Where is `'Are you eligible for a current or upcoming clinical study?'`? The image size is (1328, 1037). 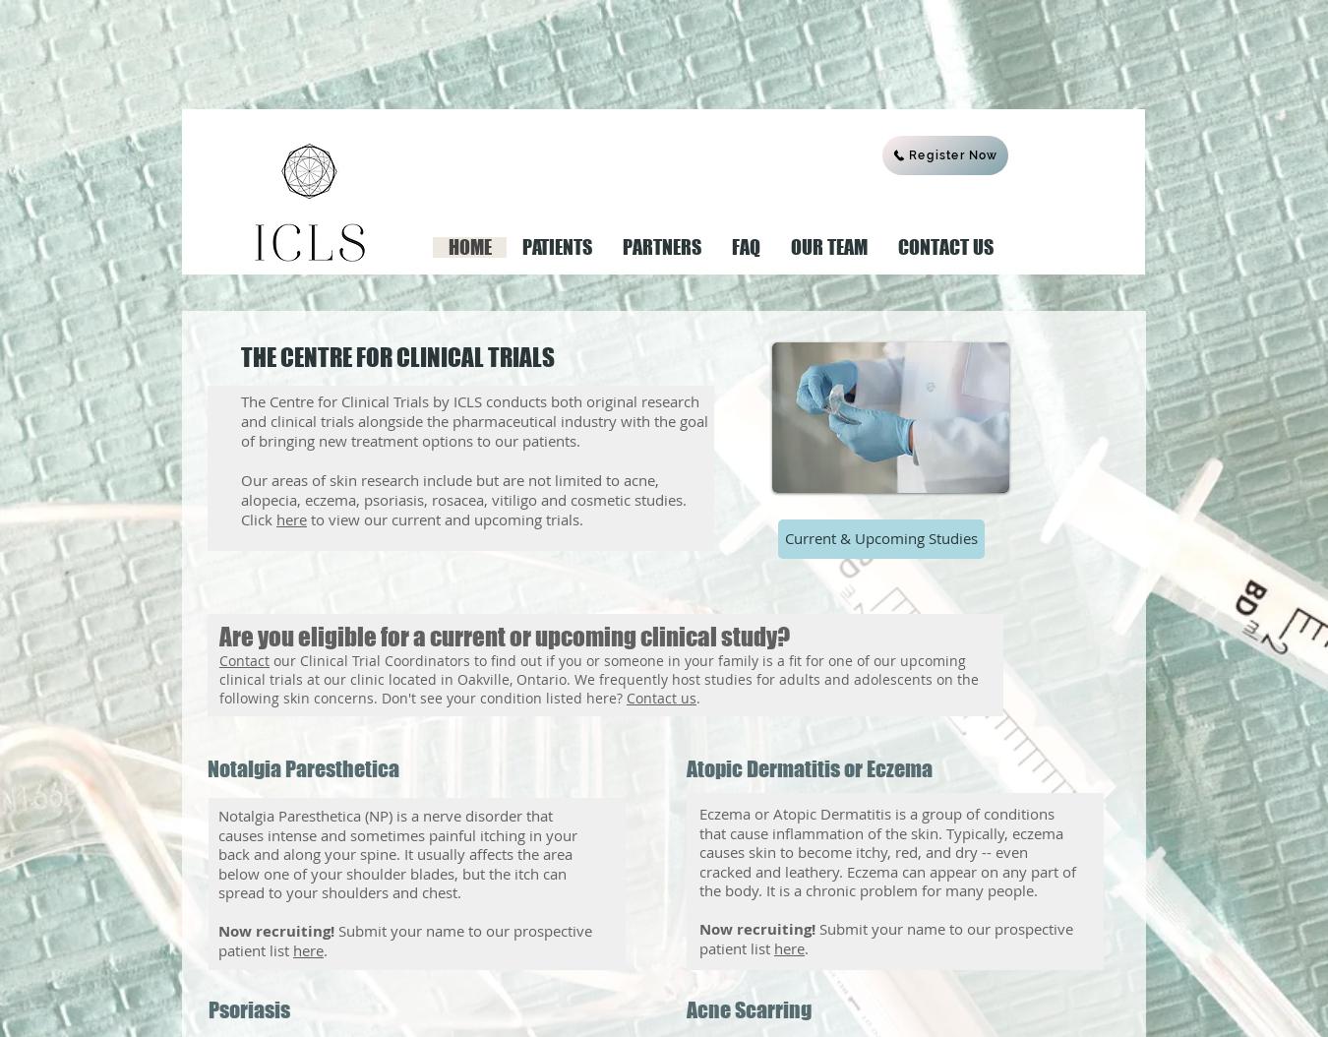
'Are you eligible for a current or upcoming clinical study?' is located at coordinates (504, 637).